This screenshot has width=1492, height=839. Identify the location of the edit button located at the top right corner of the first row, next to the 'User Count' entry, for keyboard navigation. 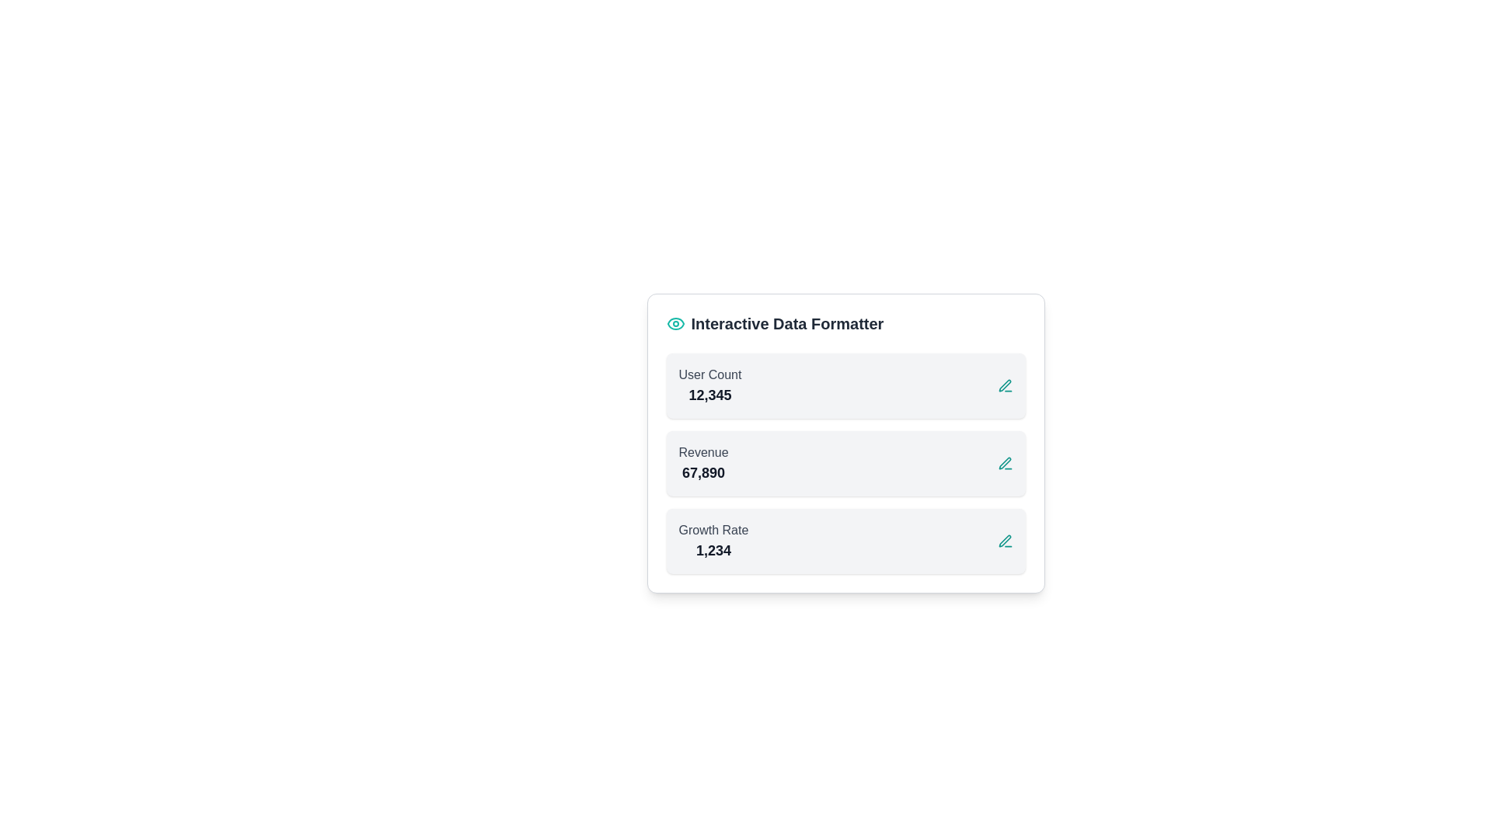
(1005, 385).